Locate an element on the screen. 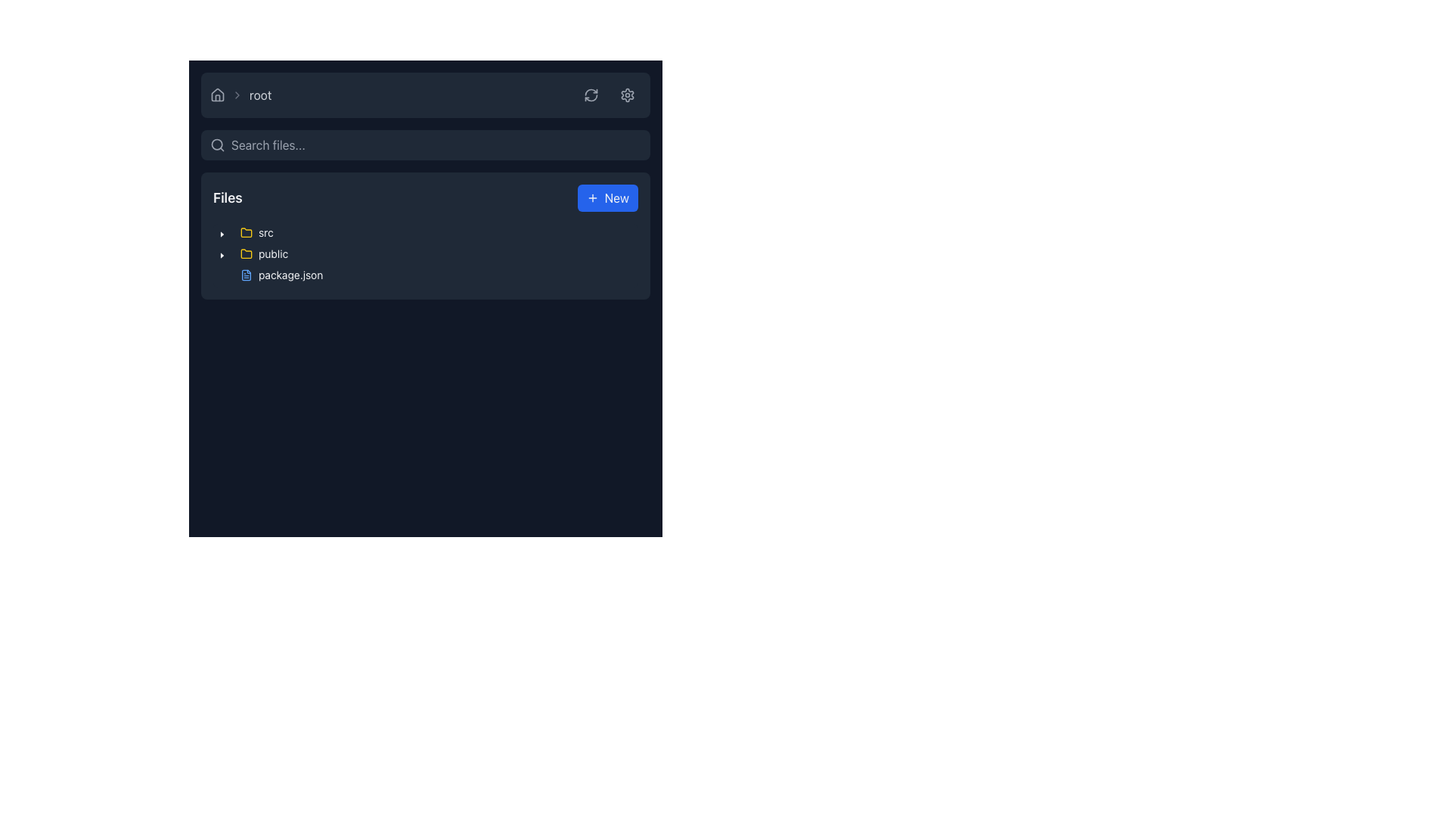  the 'root' label is located at coordinates (240, 95).